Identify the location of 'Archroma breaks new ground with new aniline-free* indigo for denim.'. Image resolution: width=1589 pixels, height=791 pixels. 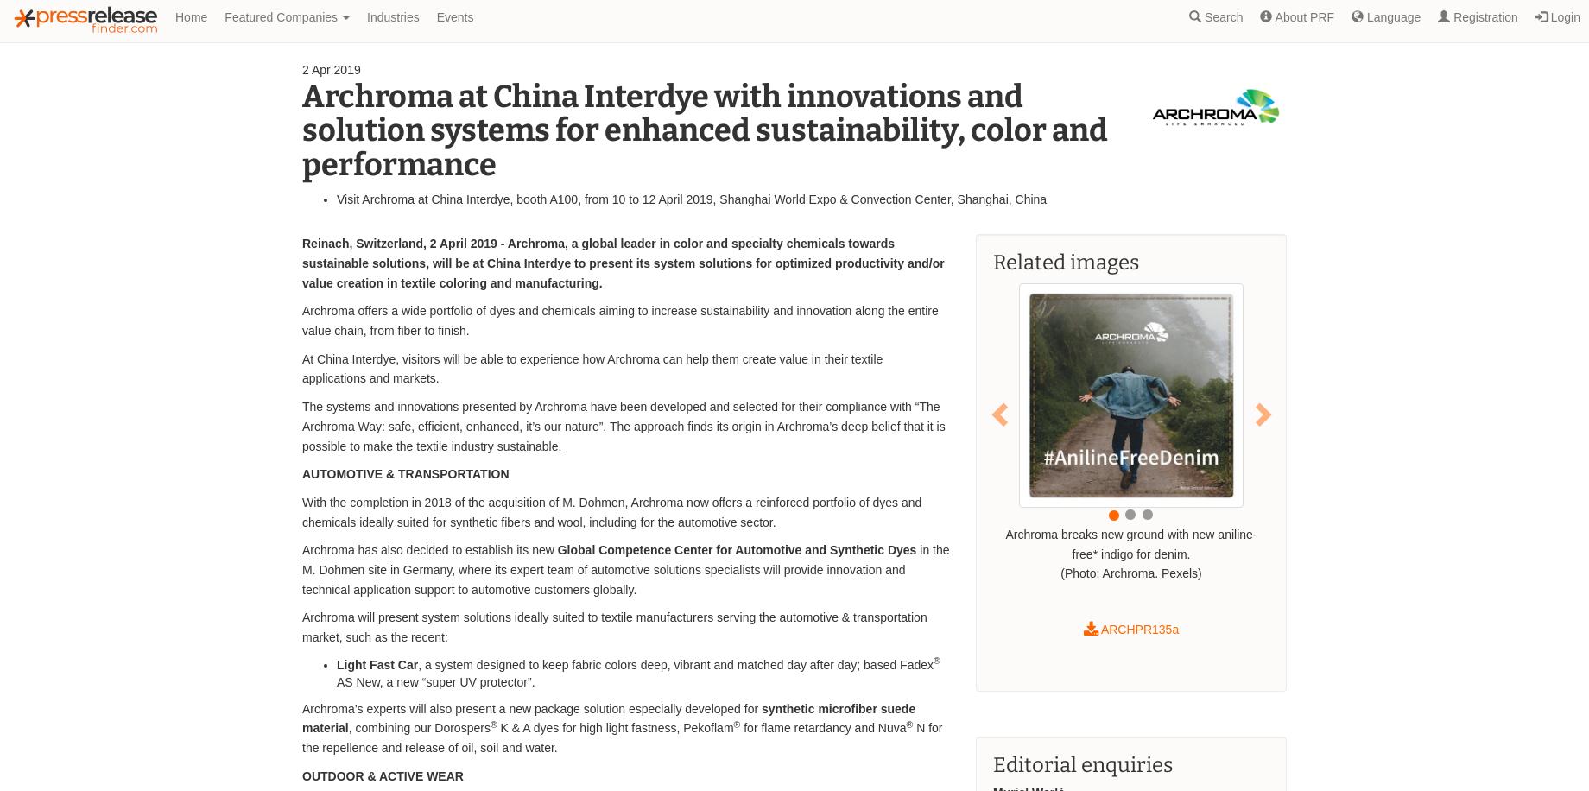
(1130, 543).